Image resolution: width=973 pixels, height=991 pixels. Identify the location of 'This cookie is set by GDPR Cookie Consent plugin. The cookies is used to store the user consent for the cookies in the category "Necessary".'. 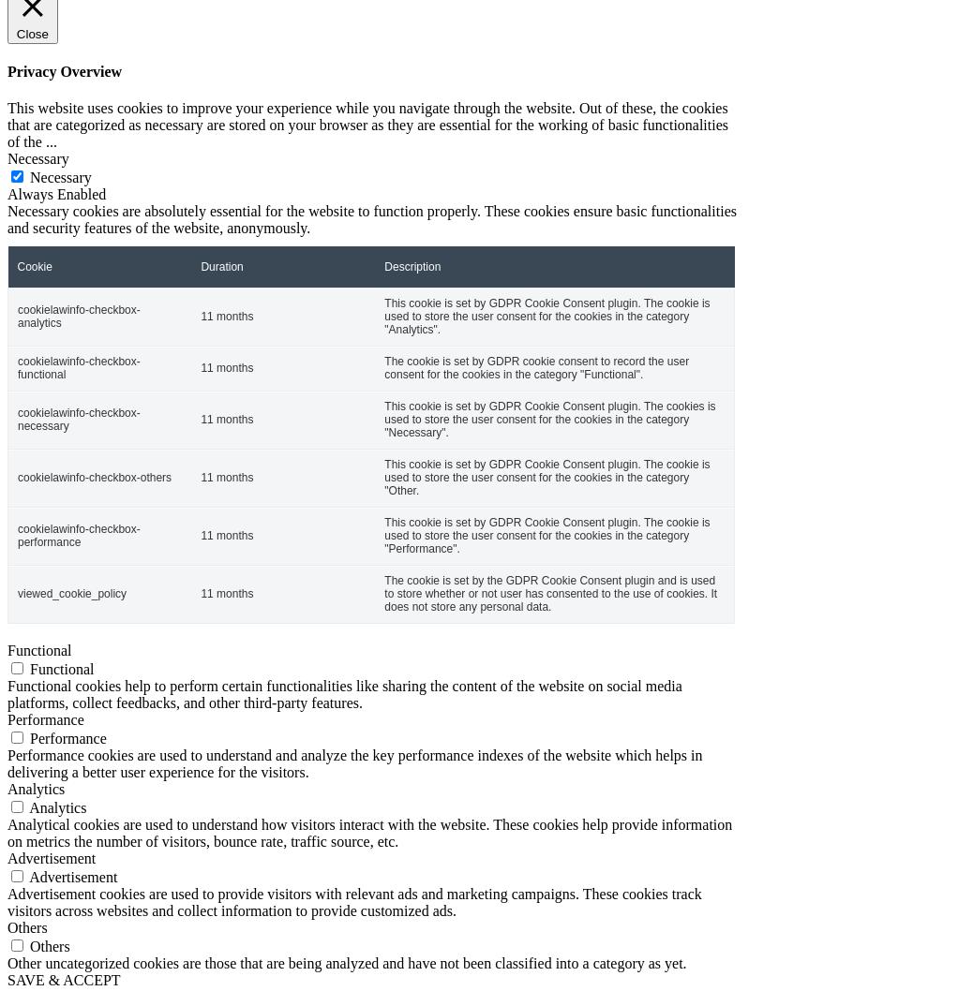
(384, 418).